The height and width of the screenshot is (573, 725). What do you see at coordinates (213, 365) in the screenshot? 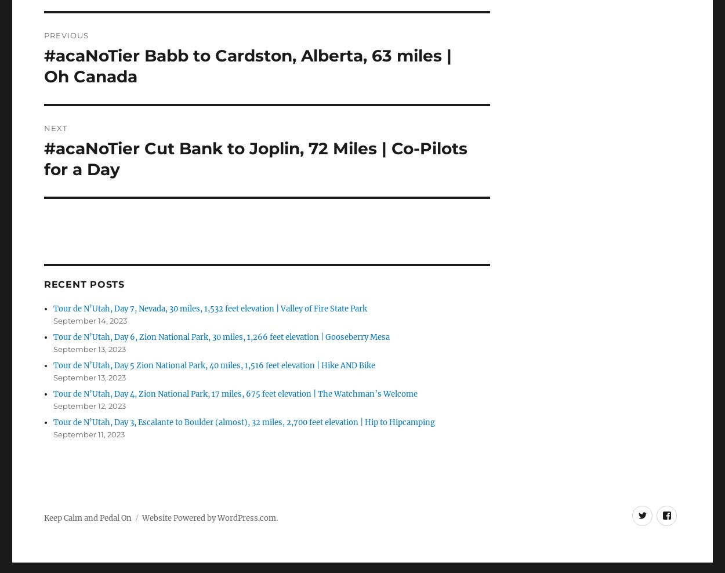
I see `'Tour de N’Utah, Day 5 Zion National Park, 40 miles, 1,516 feet elevation | Hike AND Bike'` at bounding box center [213, 365].